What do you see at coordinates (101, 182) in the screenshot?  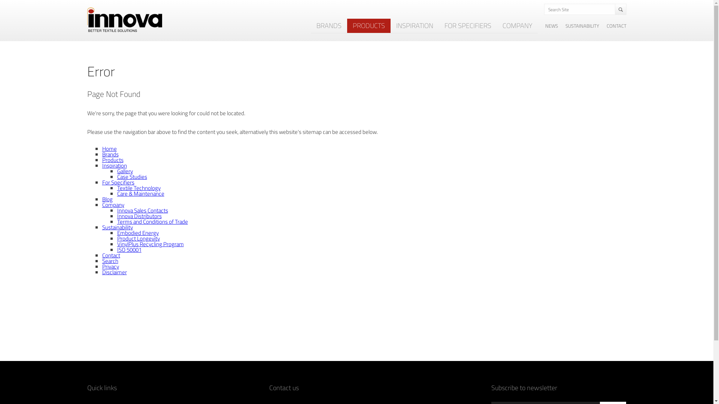 I see `'For Specifiers'` at bounding box center [101, 182].